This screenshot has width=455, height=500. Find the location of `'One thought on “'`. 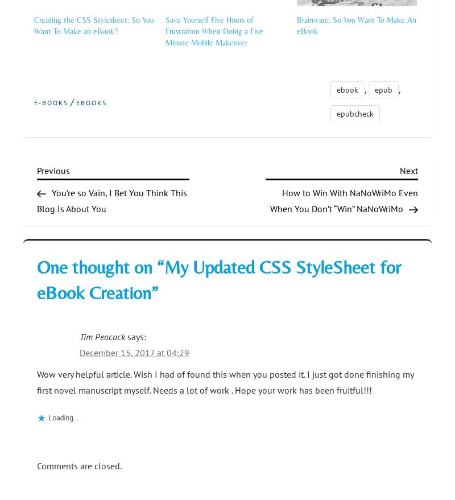

'One thought on “' is located at coordinates (36, 267).